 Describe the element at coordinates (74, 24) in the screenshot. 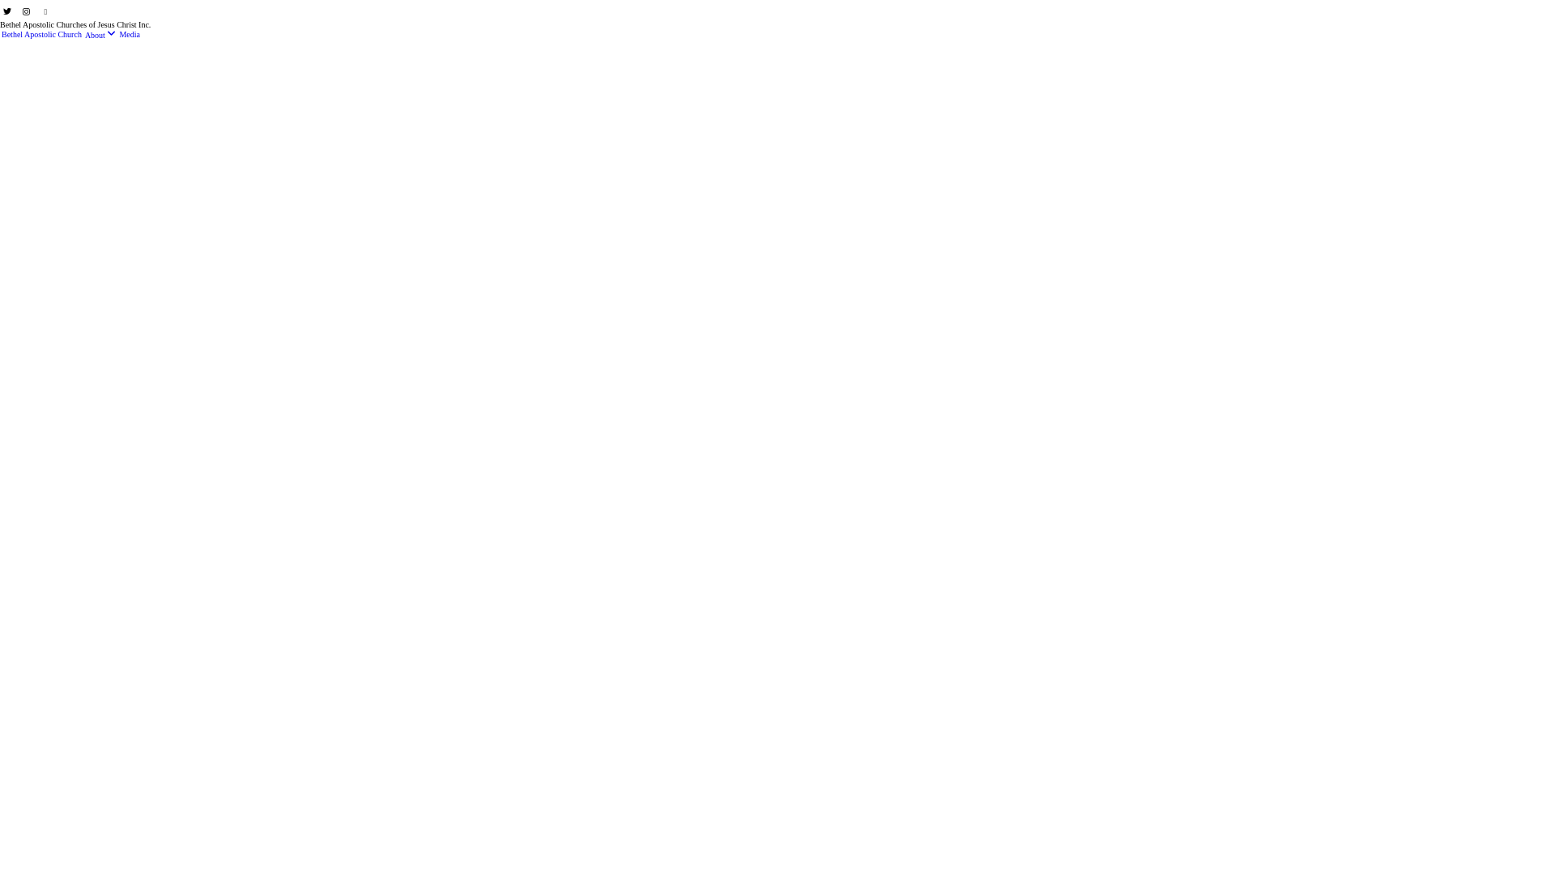

I see `'Bethel Apostolic Churches of Jesus Christ Inc.'` at that location.